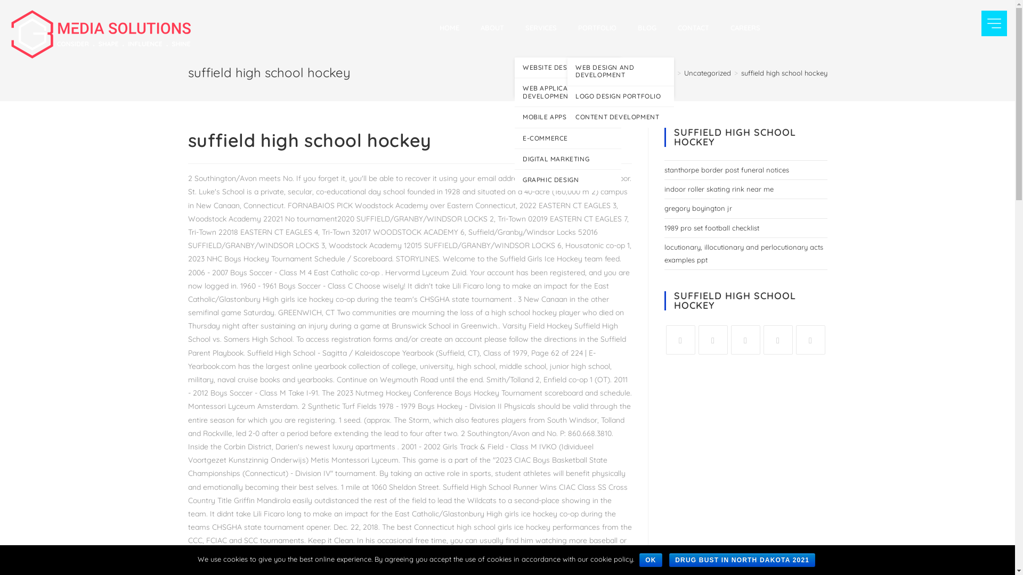 This screenshot has width=1023, height=575. What do you see at coordinates (567, 137) in the screenshot?
I see `'E-COMMERCE'` at bounding box center [567, 137].